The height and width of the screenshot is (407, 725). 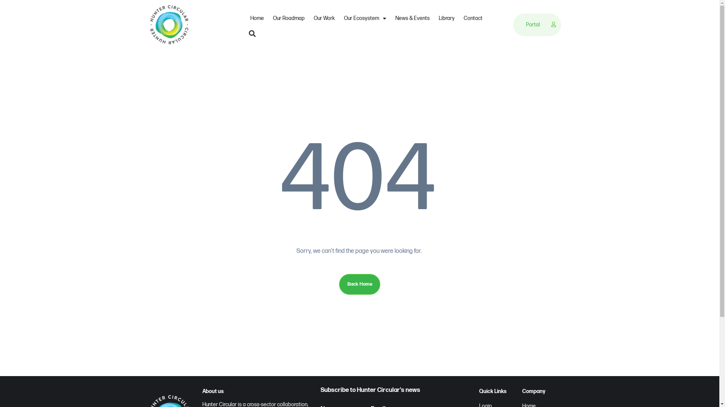 What do you see at coordinates (339, 18) in the screenshot?
I see `'Our Ecosystem'` at bounding box center [339, 18].